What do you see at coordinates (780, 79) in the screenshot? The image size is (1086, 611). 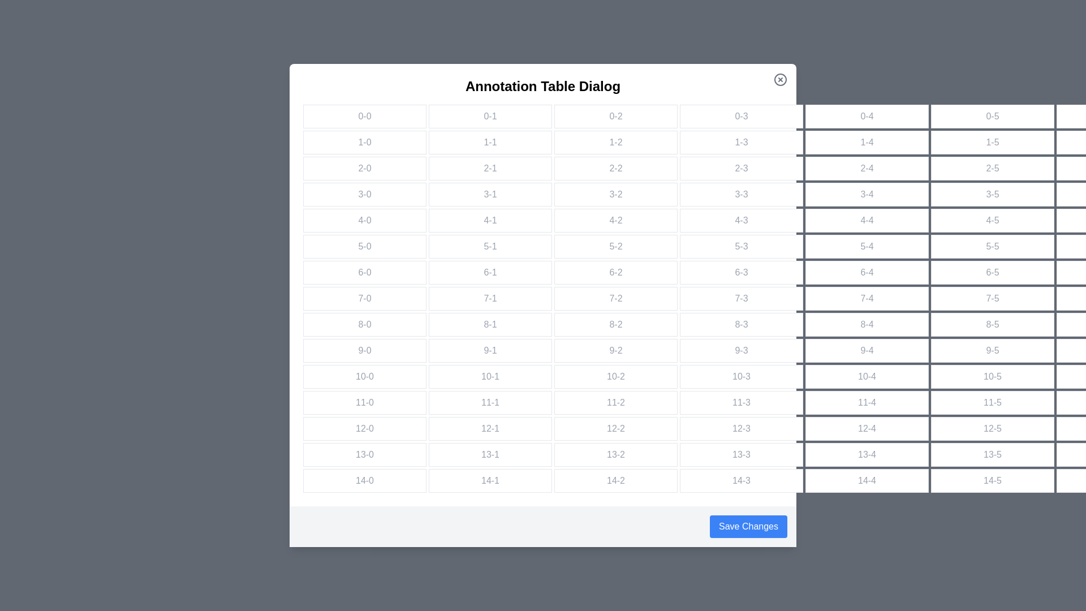 I see `the close button to close the dialog` at bounding box center [780, 79].